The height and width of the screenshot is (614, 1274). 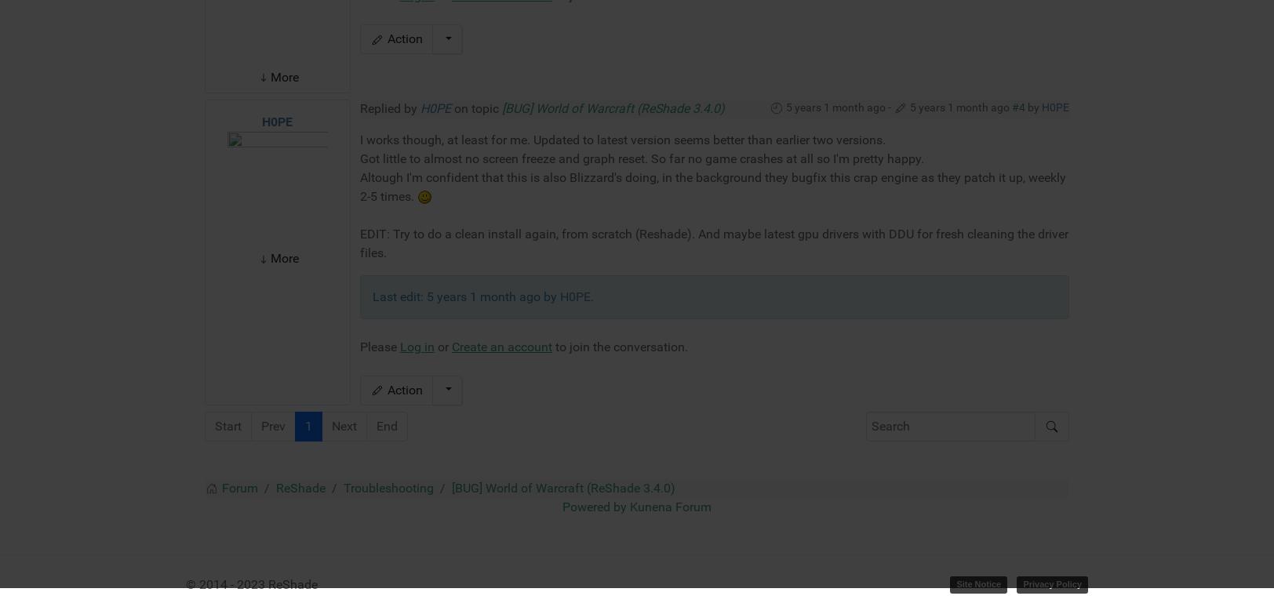 What do you see at coordinates (343, 177) in the screenshot?
I see `'Next'` at bounding box center [343, 177].